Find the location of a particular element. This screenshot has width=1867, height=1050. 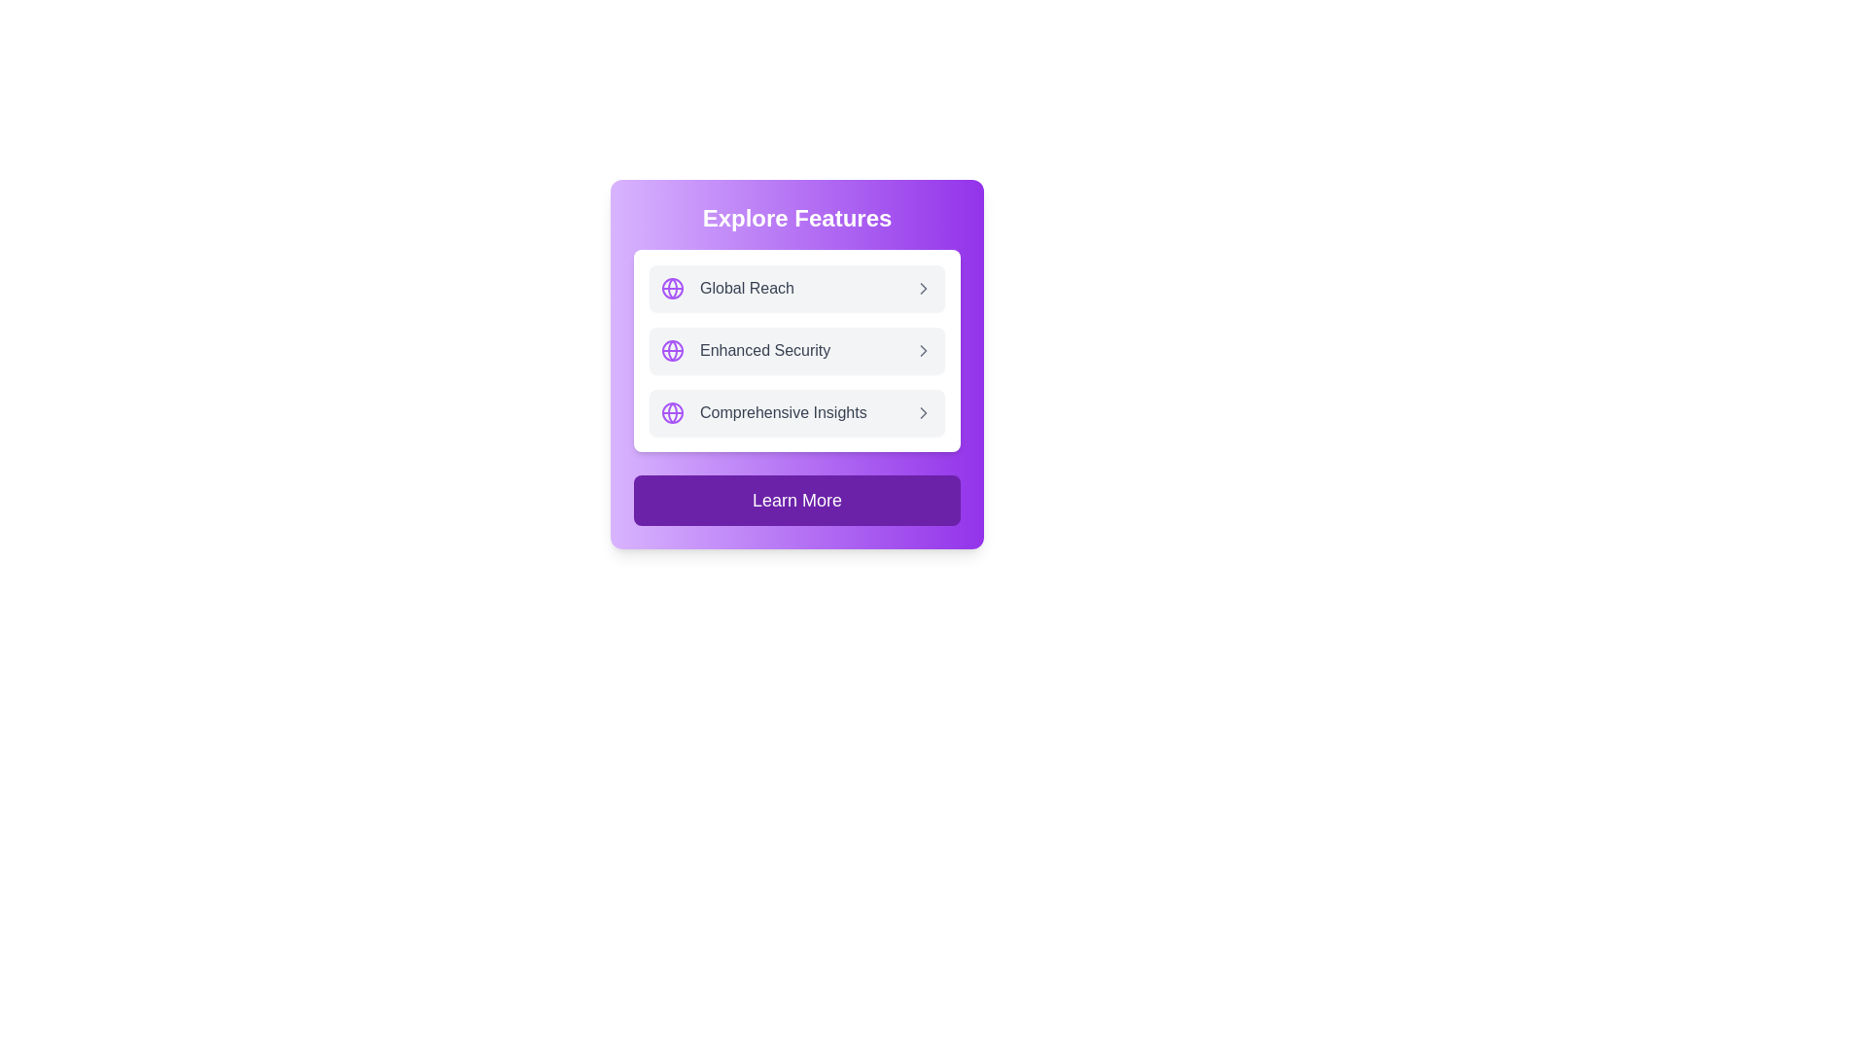

to select the 'Enhanced Security' option in the list, which is the second item with a purple globe icon on the left and a chevron icon on the right is located at coordinates (797, 351).